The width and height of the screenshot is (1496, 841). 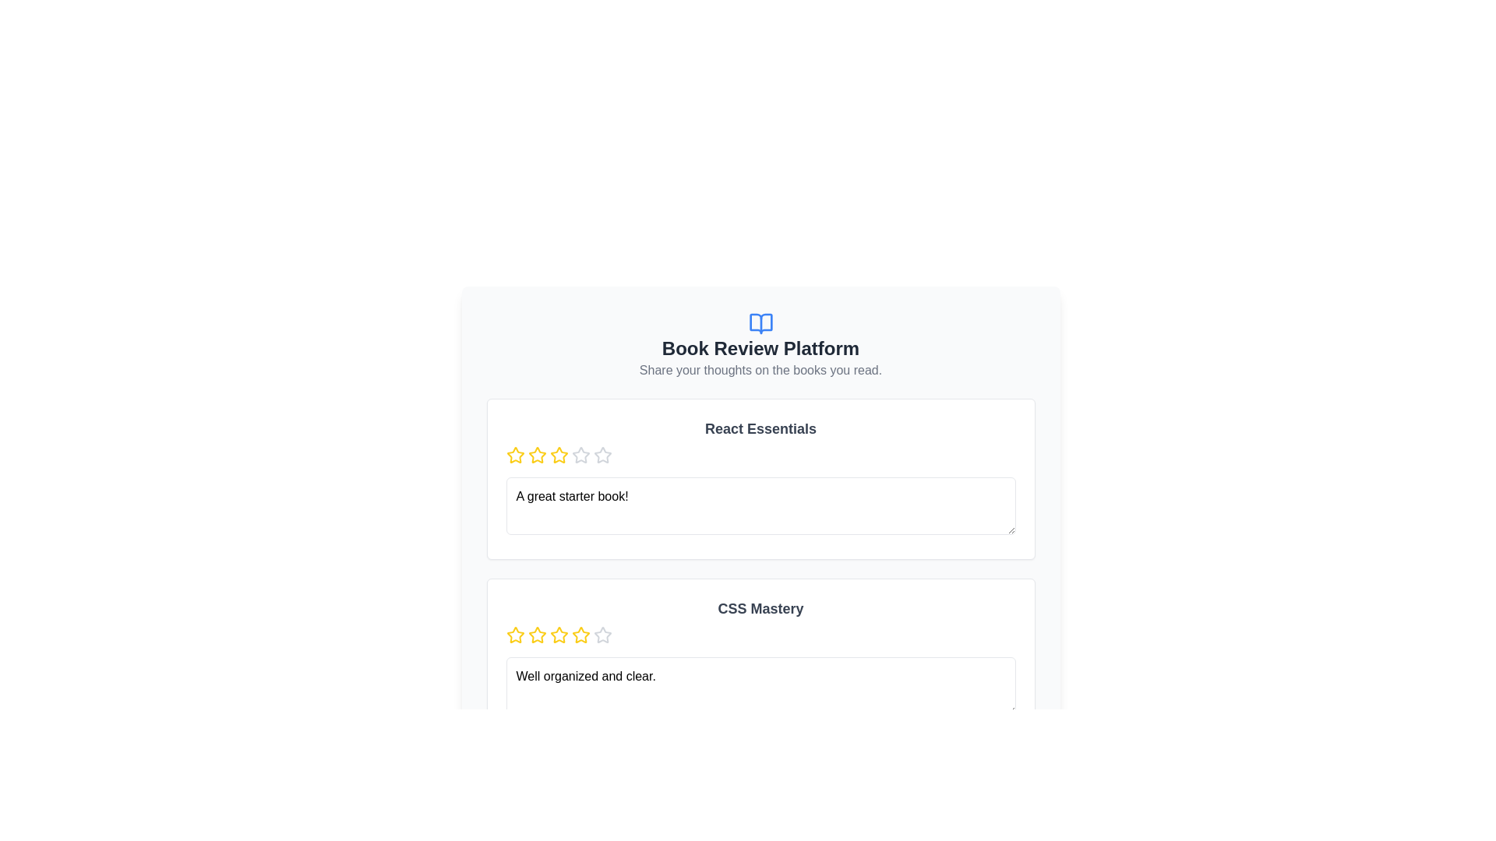 What do you see at coordinates (559, 814) in the screenshot?
I see `the interactive star icon for potential sorting in the rating section under the 'CSS Mastery' book review, specifically the third gray star from the left in the third row of stars` at bounding box center [559, 814].